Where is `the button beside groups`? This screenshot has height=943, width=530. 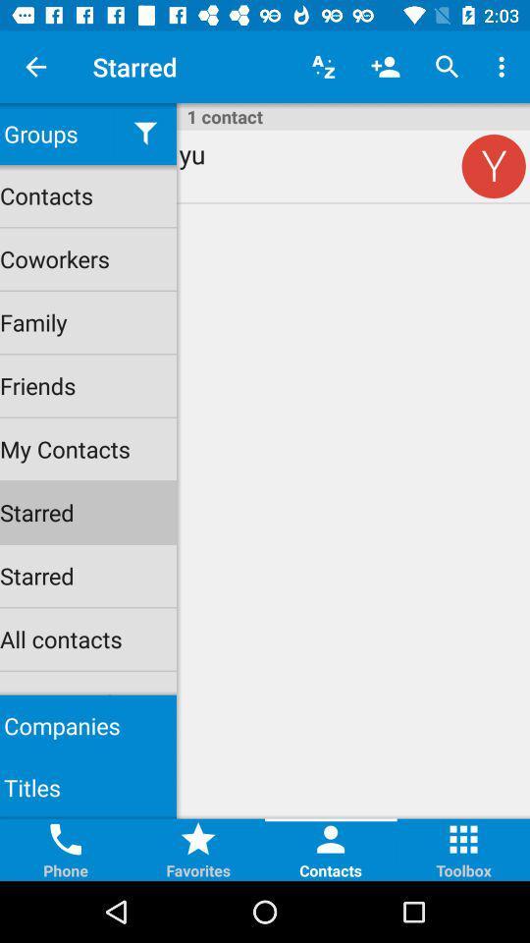
the button beside groups is located at coordinates (144, 133).